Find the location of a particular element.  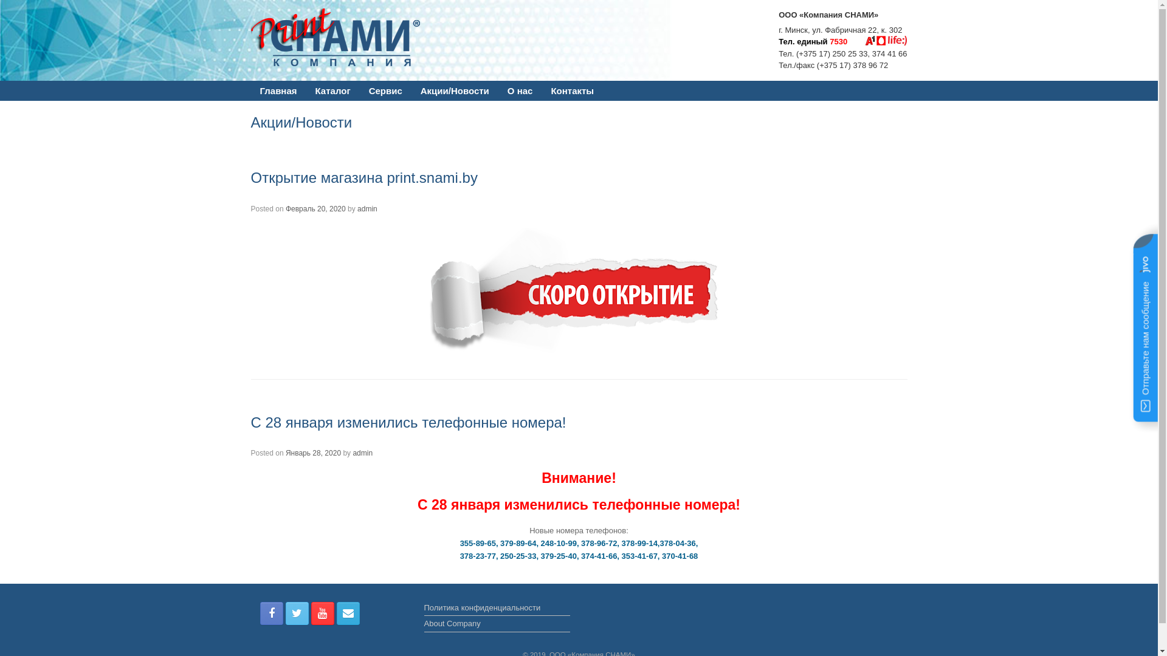

'About Company' is located at coordinates (497, 625).